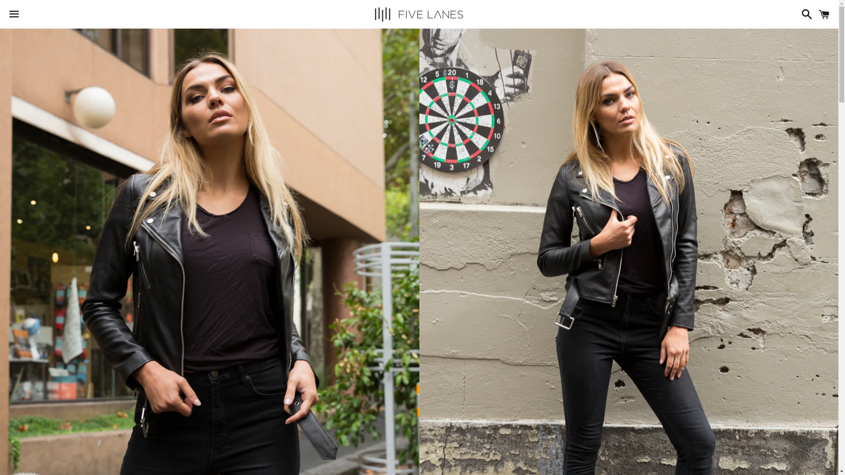  Describe the element at coordinates (14, 15) in the screenshot. I see `'Menu'` at that location.